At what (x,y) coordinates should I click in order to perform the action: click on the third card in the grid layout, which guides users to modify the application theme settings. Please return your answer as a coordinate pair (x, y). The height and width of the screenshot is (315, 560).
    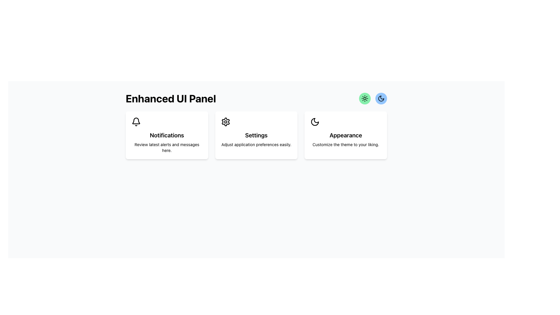
    Looking at the image, I should click on (346, 135).